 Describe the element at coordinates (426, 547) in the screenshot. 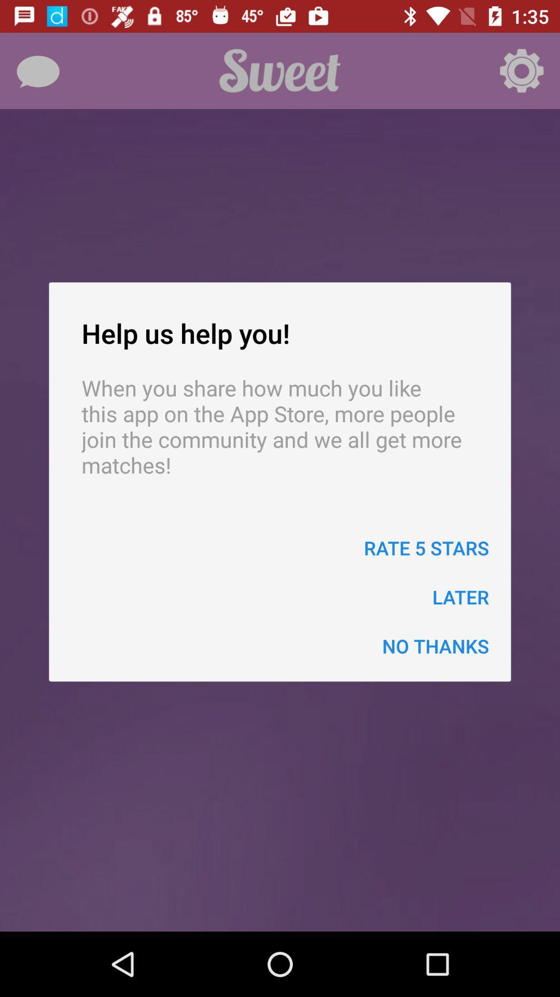

I see `icon above later item` at that location.